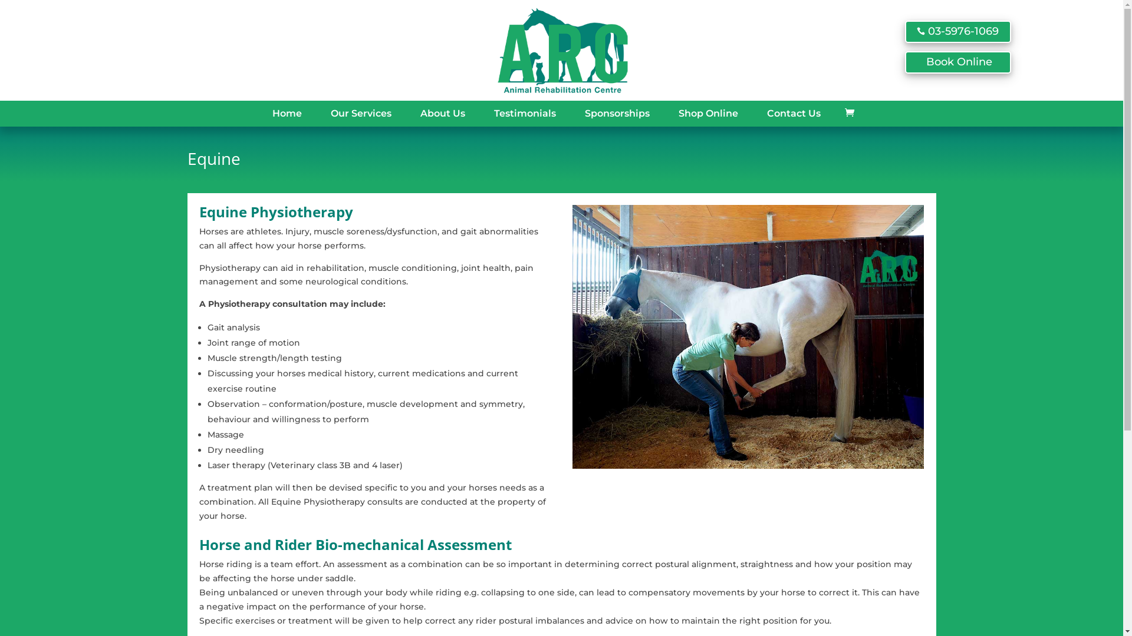 This screenshot has width=1132, height=636. Describe the element at coordinates (411, 113) in the screenshot. I see `'About Us'` at that location.